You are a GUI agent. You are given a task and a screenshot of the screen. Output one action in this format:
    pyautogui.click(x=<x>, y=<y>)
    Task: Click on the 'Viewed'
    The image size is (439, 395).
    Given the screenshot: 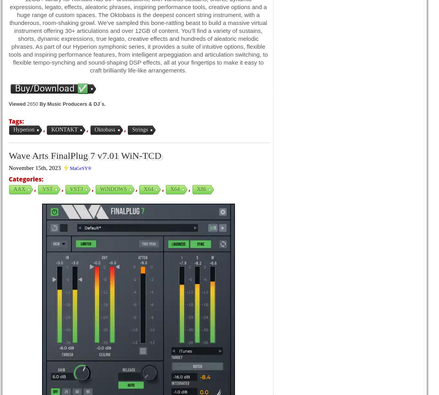 What is the action you would take?
    pyautogui.click(x=9, y=104)
    